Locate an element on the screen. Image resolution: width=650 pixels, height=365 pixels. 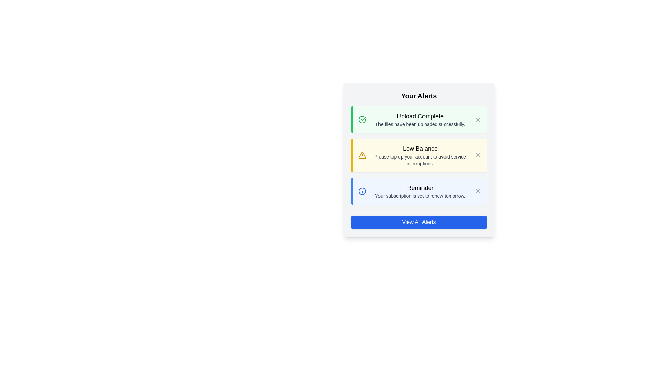
the static text heading at the top of the notification card, which indicates the context or purpose of the information presented below is located at coordinates (418, 96).